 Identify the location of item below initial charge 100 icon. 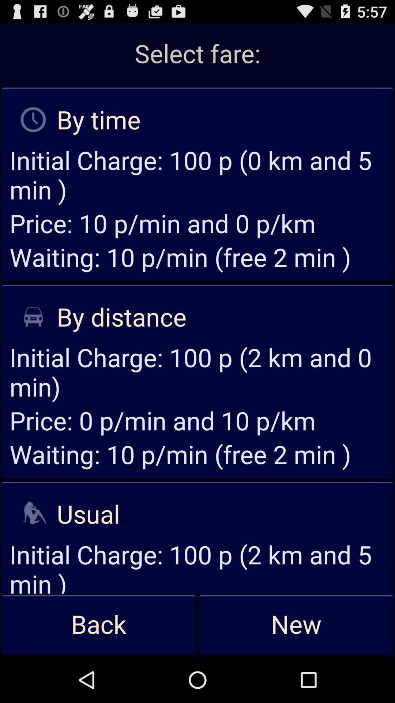
(296, 625).